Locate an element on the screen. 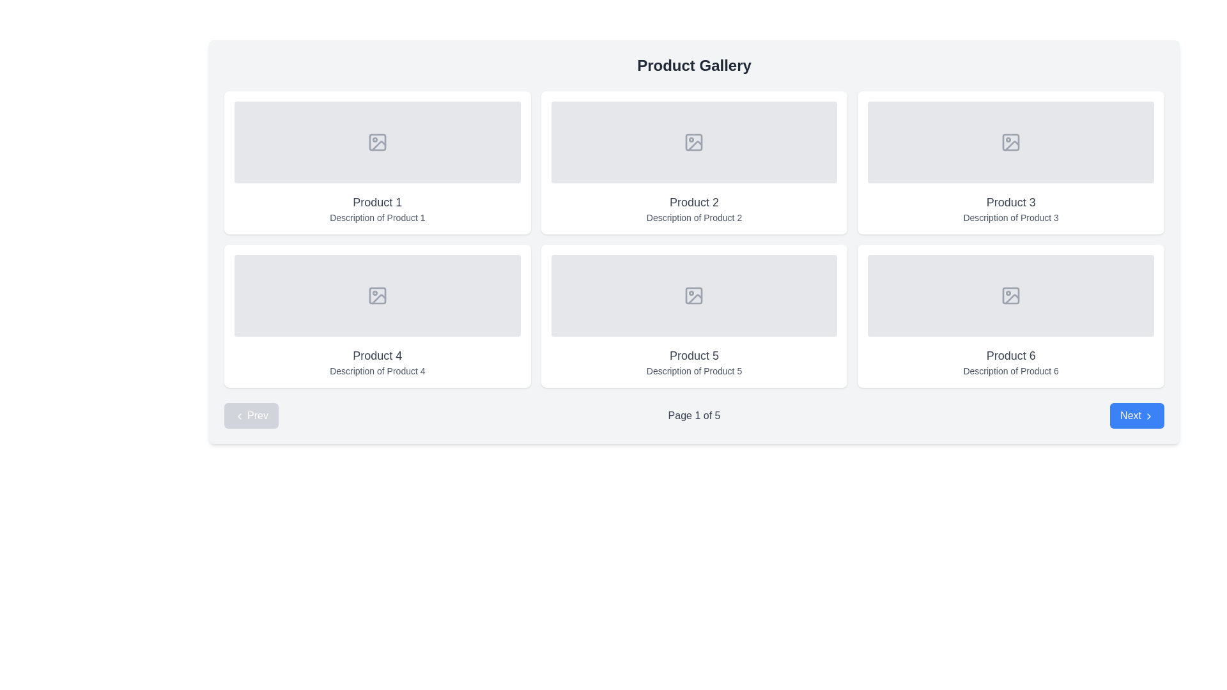  the SVG rectangle of the image placeholder icon indicating a missing image for 'Product 3' in the top row, third column of the gallery layout is located at coordinates (1010, 142).